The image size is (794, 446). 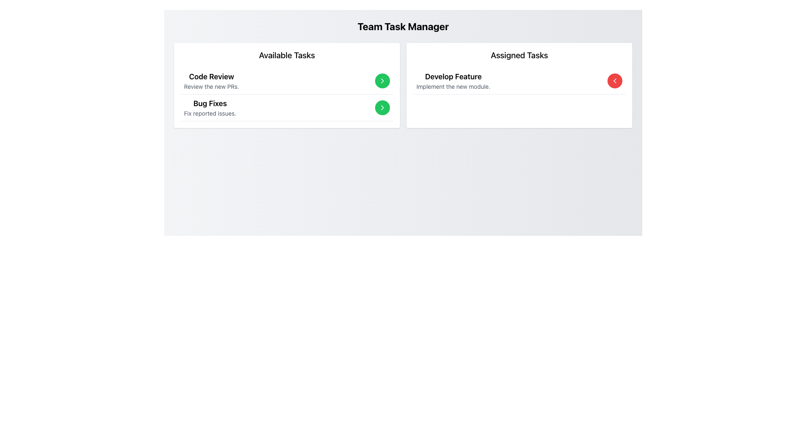 What do you see at coordinates (210, 113) in the screenshot?
I see `text element displaying 'Fix reported issues.' located beneath the 'Bug Fixes' heading in the 'Available Tasks' section` at bounding box center [210, 113].